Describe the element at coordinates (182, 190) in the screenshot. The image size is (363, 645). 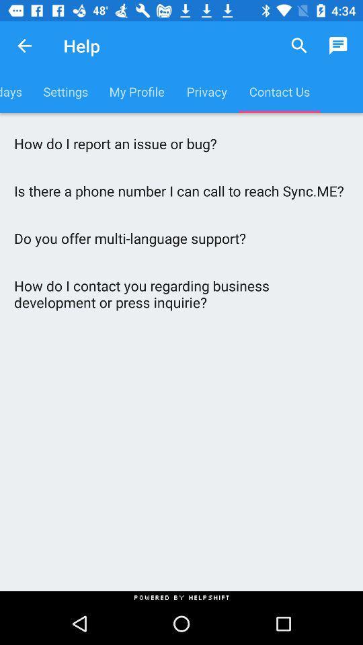
I see `item below the how do i icon` at that location.